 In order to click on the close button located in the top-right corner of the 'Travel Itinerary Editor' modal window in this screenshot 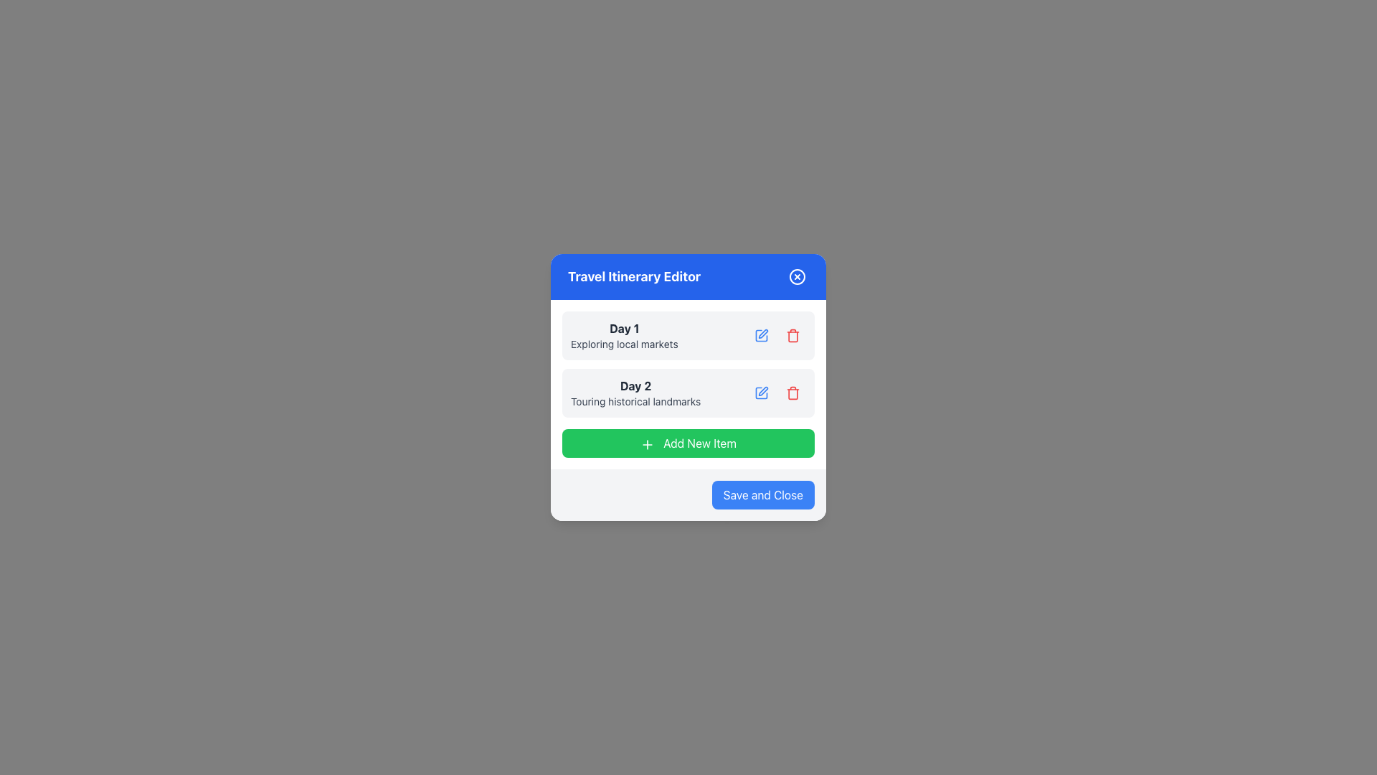, I will do `click(797, 276)`.